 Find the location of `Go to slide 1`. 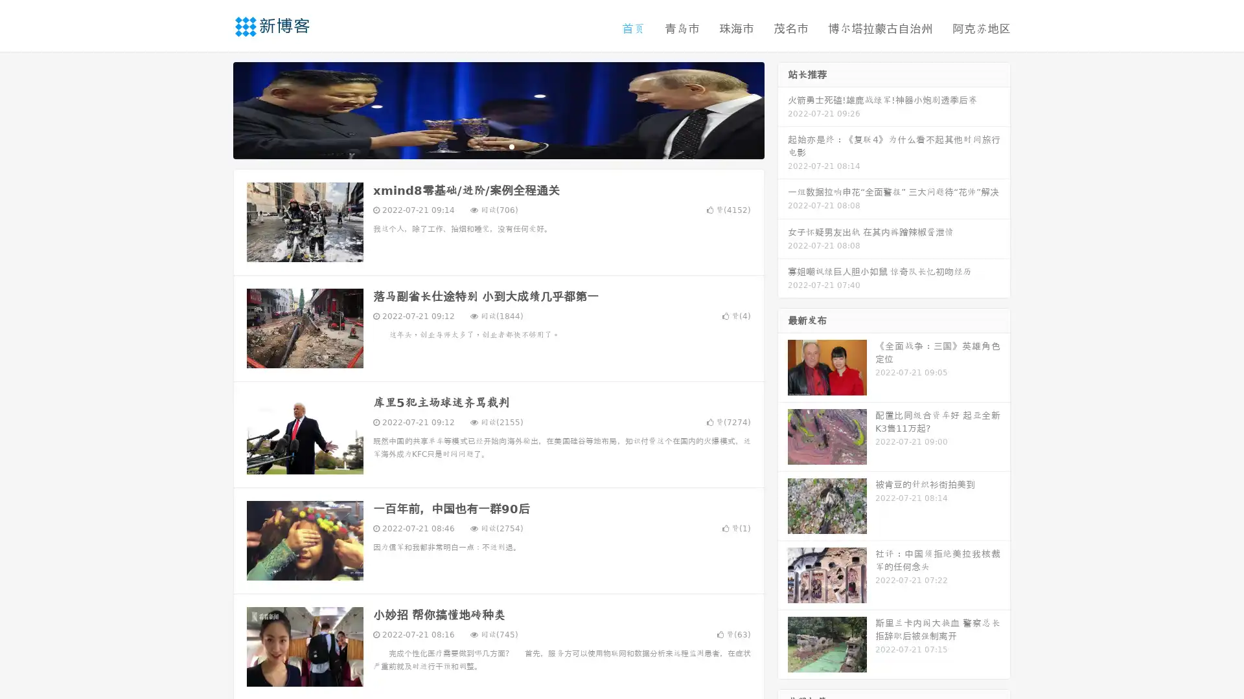

Go to slide 1 is located at coordinates (485, 146).